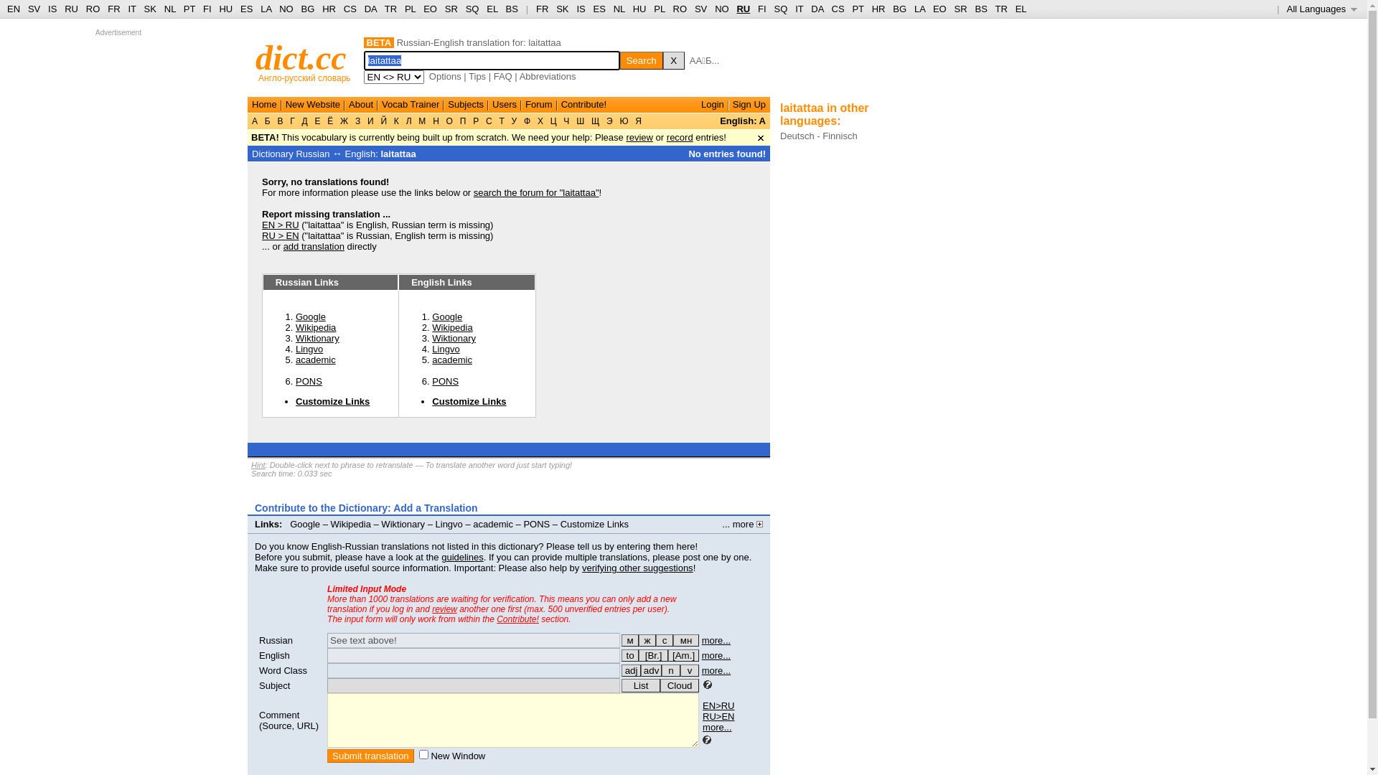  What do you see at coordinates (913, 9) in the screenshot?
I see `'LA'` at bounding box center [913, 9].